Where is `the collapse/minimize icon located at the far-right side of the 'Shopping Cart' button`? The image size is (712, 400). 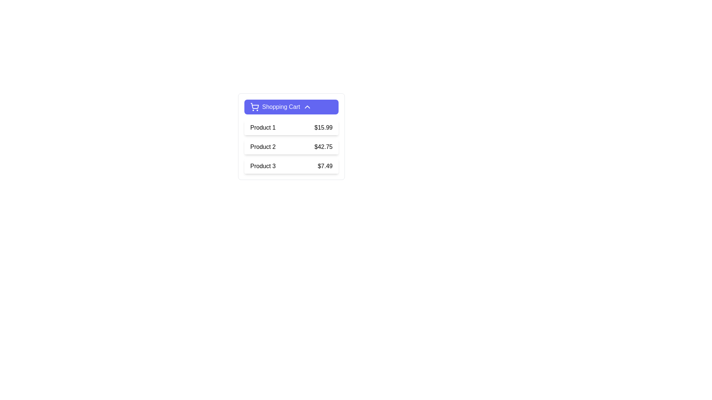
the collapse/minimize icon located at the far-right side of the 'Shopping Cart' button is located at coordinates (307, 107).